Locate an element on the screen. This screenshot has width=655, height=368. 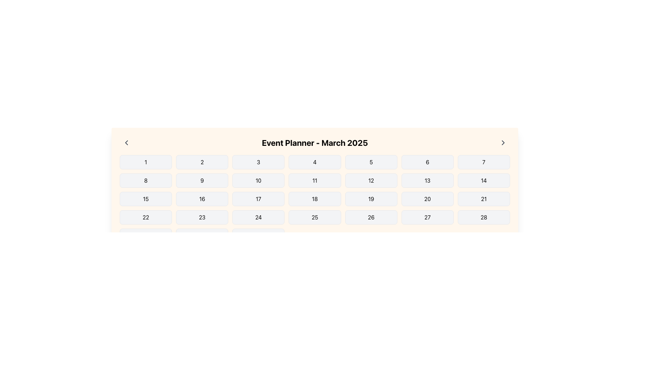
the button-like cell displaying the number '12' in the second row and sixth column of the grid under 'Event Planner - March 2025' is located at coordinates (371, 180).